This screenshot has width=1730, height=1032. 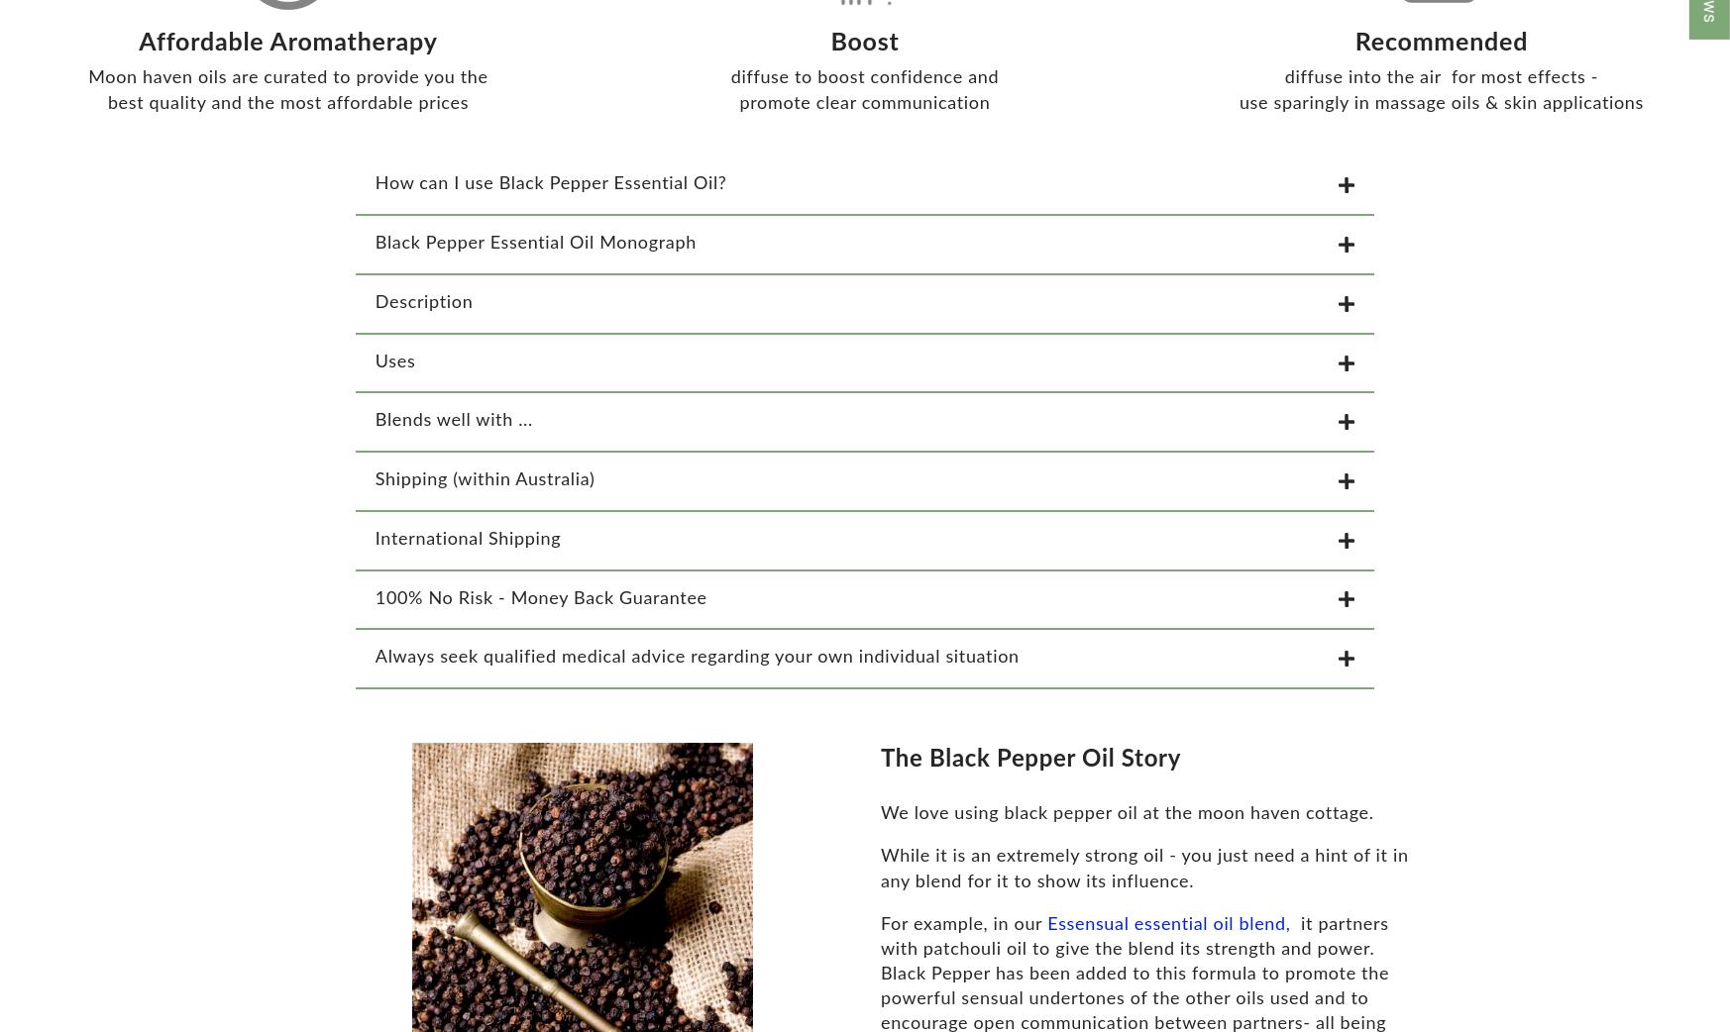 What do you see at coordinates (15, 981) in the screenshot?
I see `'Black Pepper Pure Essential Oil'` at bounding box center [15, 981].